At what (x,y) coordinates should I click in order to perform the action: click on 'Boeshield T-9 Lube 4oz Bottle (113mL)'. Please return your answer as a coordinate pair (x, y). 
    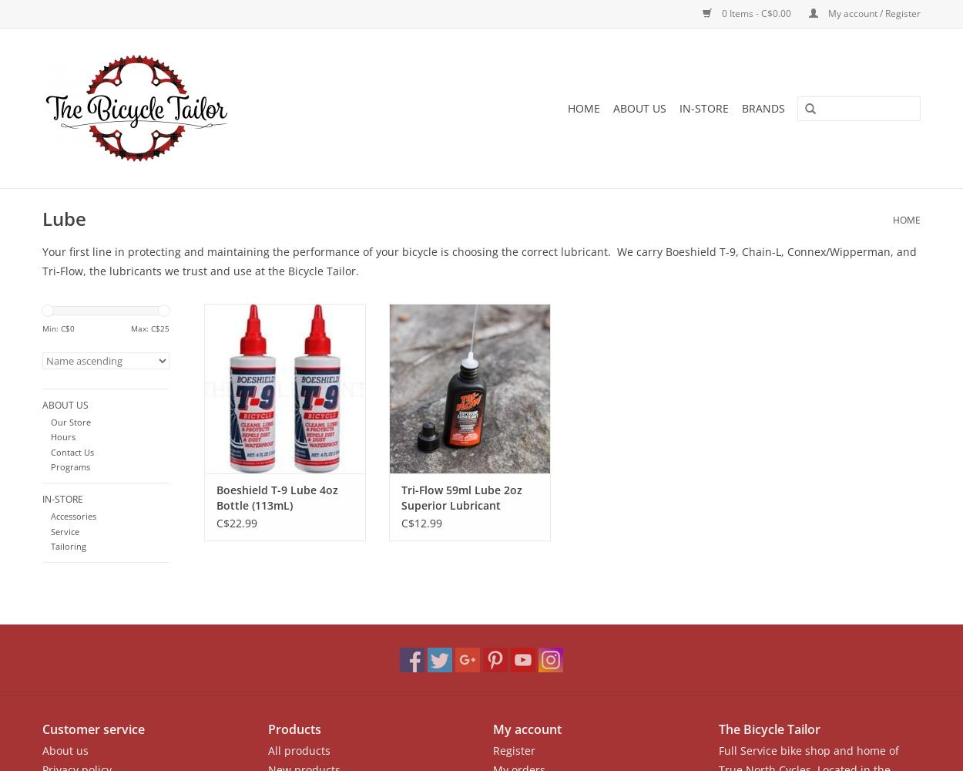
    Looking at the image, I should click on (277, 497).